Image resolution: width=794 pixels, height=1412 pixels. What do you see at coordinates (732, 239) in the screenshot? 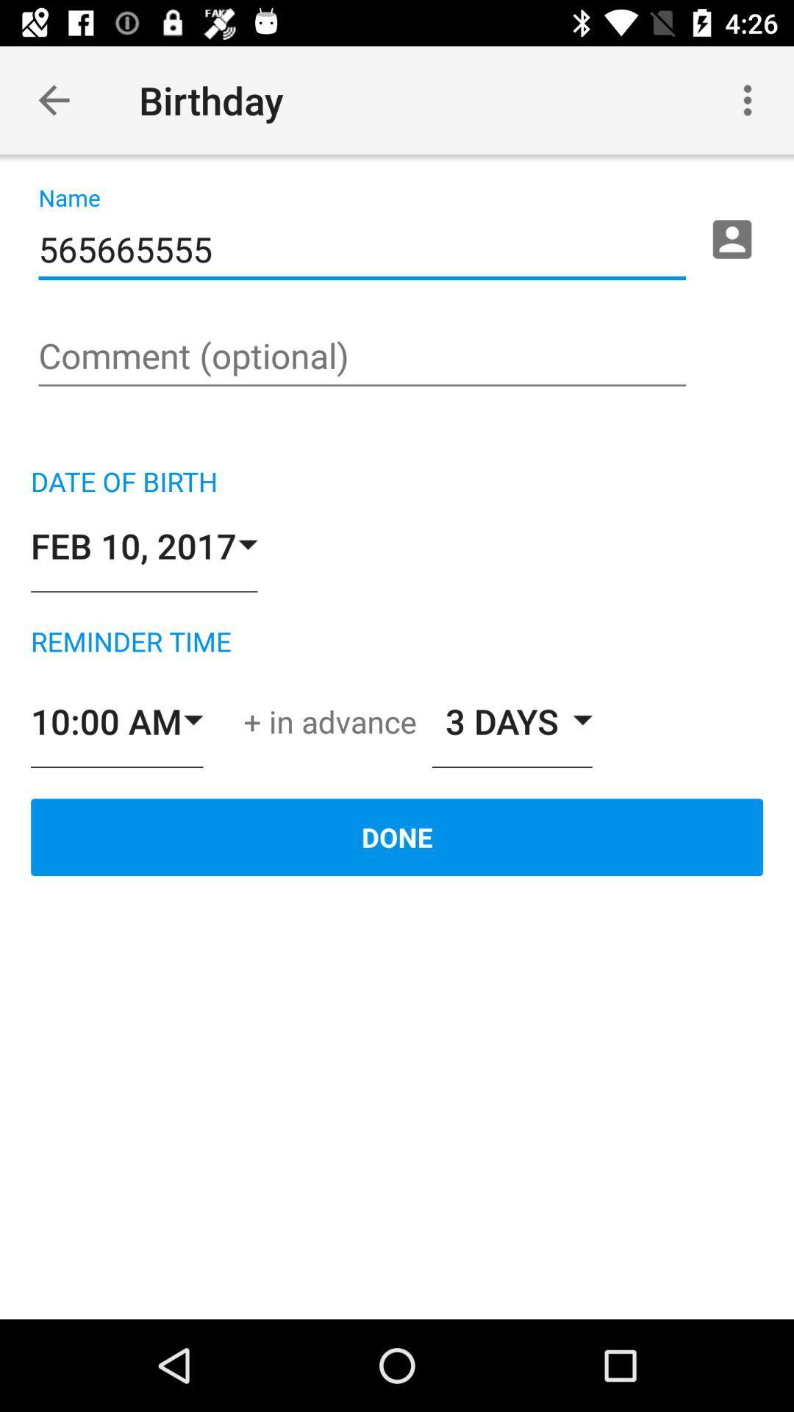
I see `contacts` at bounding box center [732, 239].